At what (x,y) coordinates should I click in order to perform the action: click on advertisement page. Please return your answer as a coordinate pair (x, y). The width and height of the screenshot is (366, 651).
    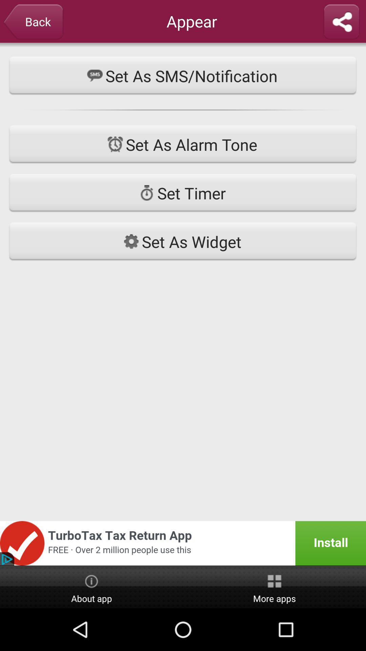
    Looking at the image, I should click on (183, 543).